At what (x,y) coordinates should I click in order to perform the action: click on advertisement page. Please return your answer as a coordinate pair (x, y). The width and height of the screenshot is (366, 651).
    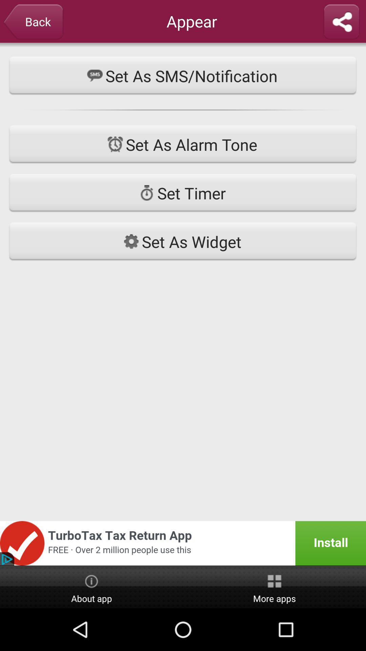
    Looking at the image, I should click on (183, 543).